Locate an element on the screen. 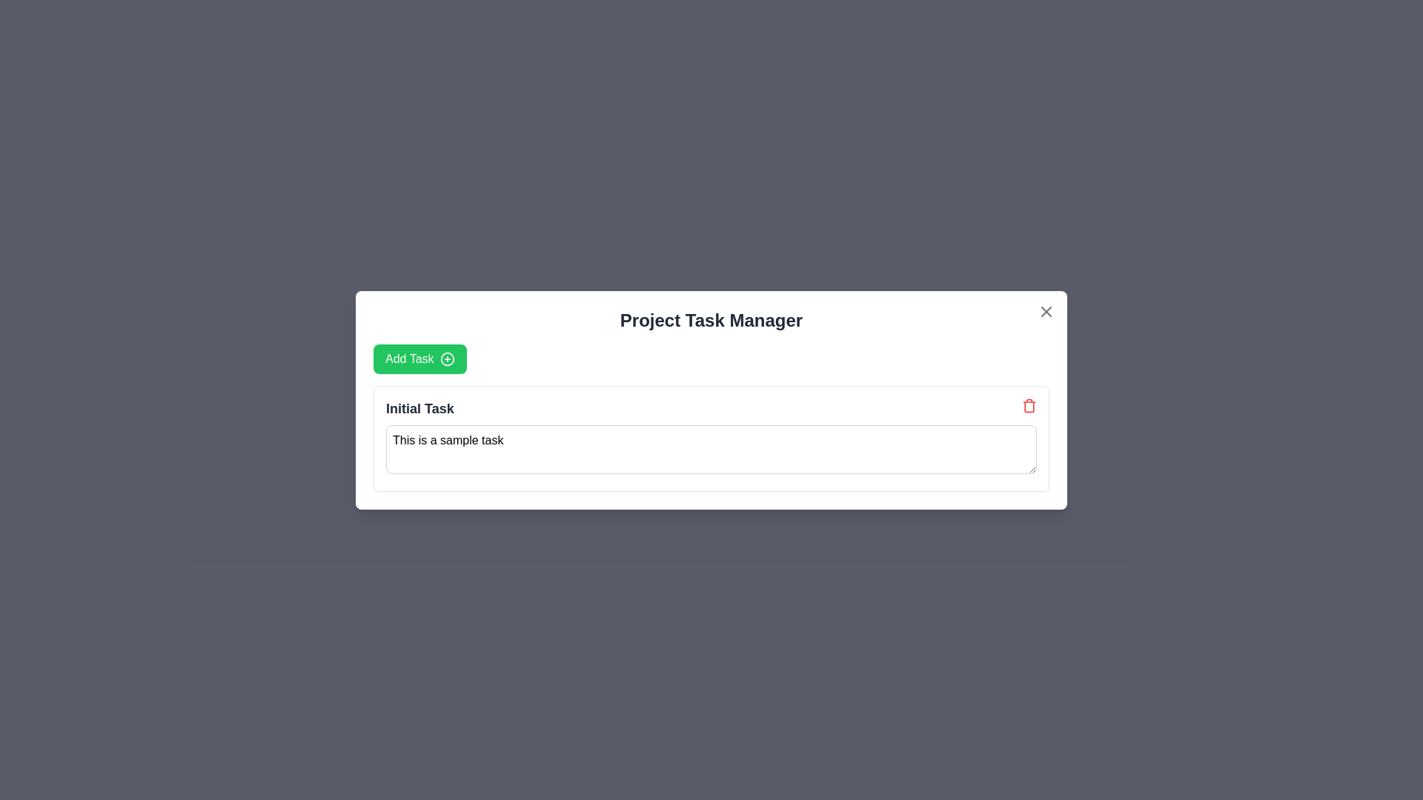 This screenshot has height=800, width=1423. the delete button located in the top-right corner of the 'Initial Task' is located at coordinates (1028, 405).